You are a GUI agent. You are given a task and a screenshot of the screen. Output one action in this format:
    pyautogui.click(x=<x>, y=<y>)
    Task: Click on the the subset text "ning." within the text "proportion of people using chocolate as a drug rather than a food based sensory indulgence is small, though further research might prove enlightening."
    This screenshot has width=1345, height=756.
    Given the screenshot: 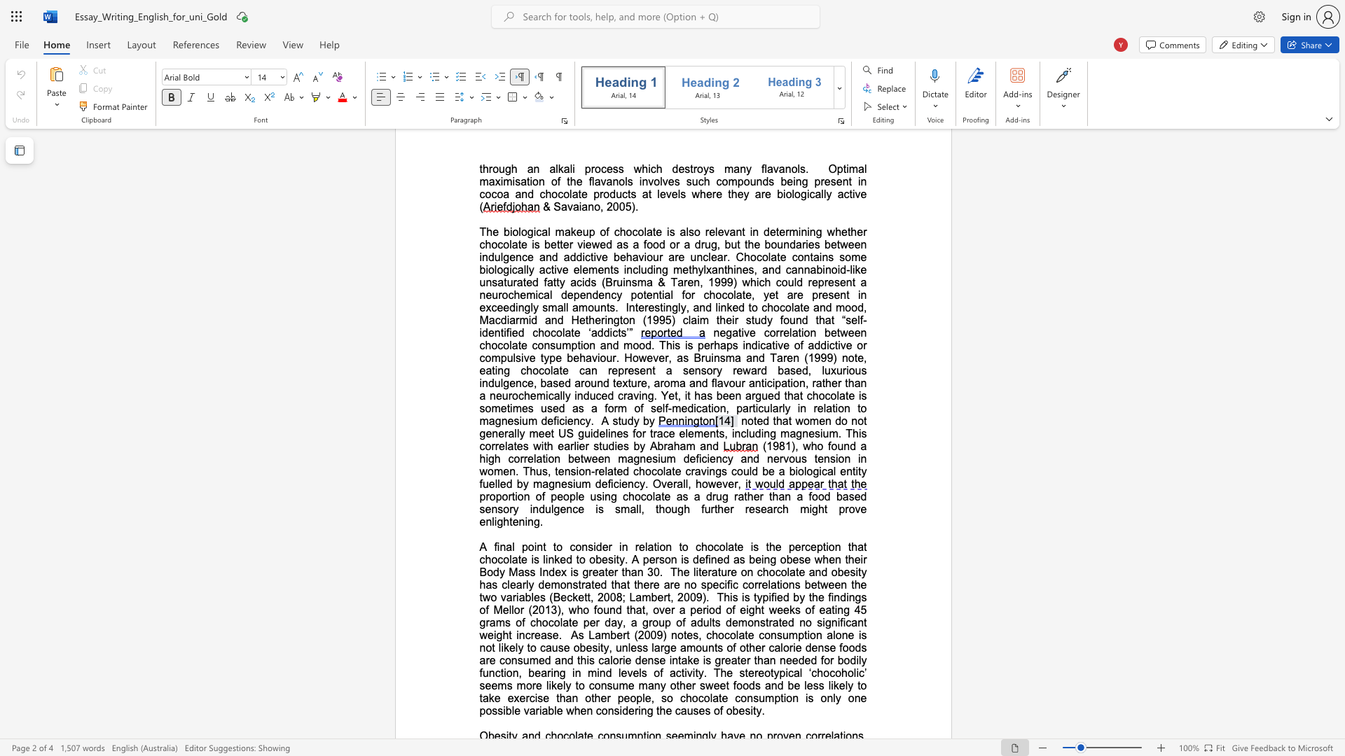 What is the action you would take?
    pyautogui.click(x=518, y=521)
    